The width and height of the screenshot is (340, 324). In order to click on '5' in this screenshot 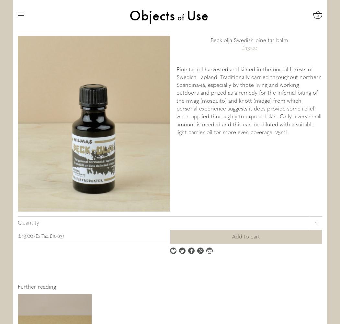, I will do `click(279, 132)`.